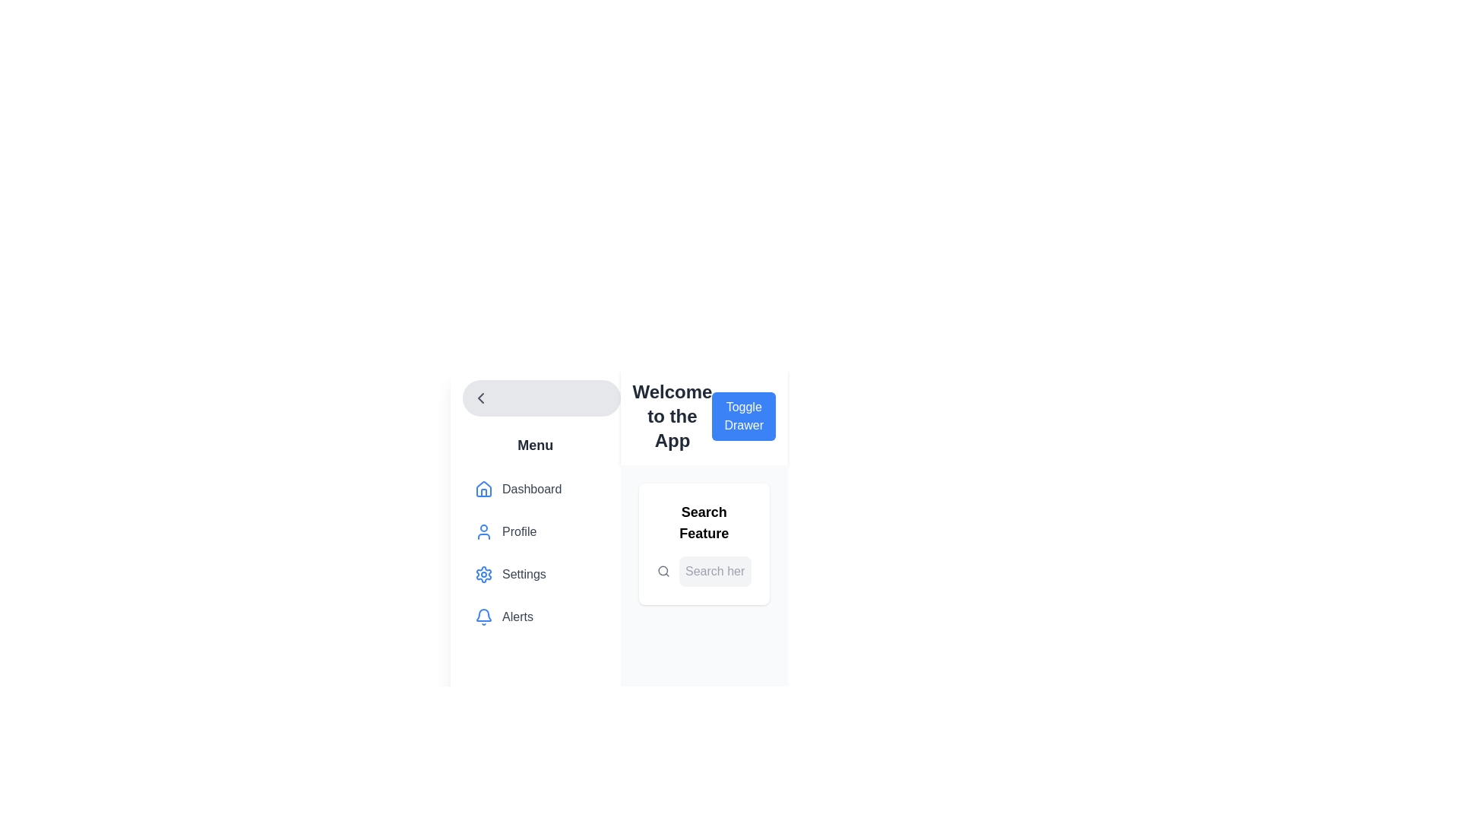 The height and width of the screenshot is (821, 1459). Describe the element at coordinates (535, 617) in the screenshot. I see `the fourth menu item in the vertical navigation menu, located below the 'Settings' menu item` at that location.